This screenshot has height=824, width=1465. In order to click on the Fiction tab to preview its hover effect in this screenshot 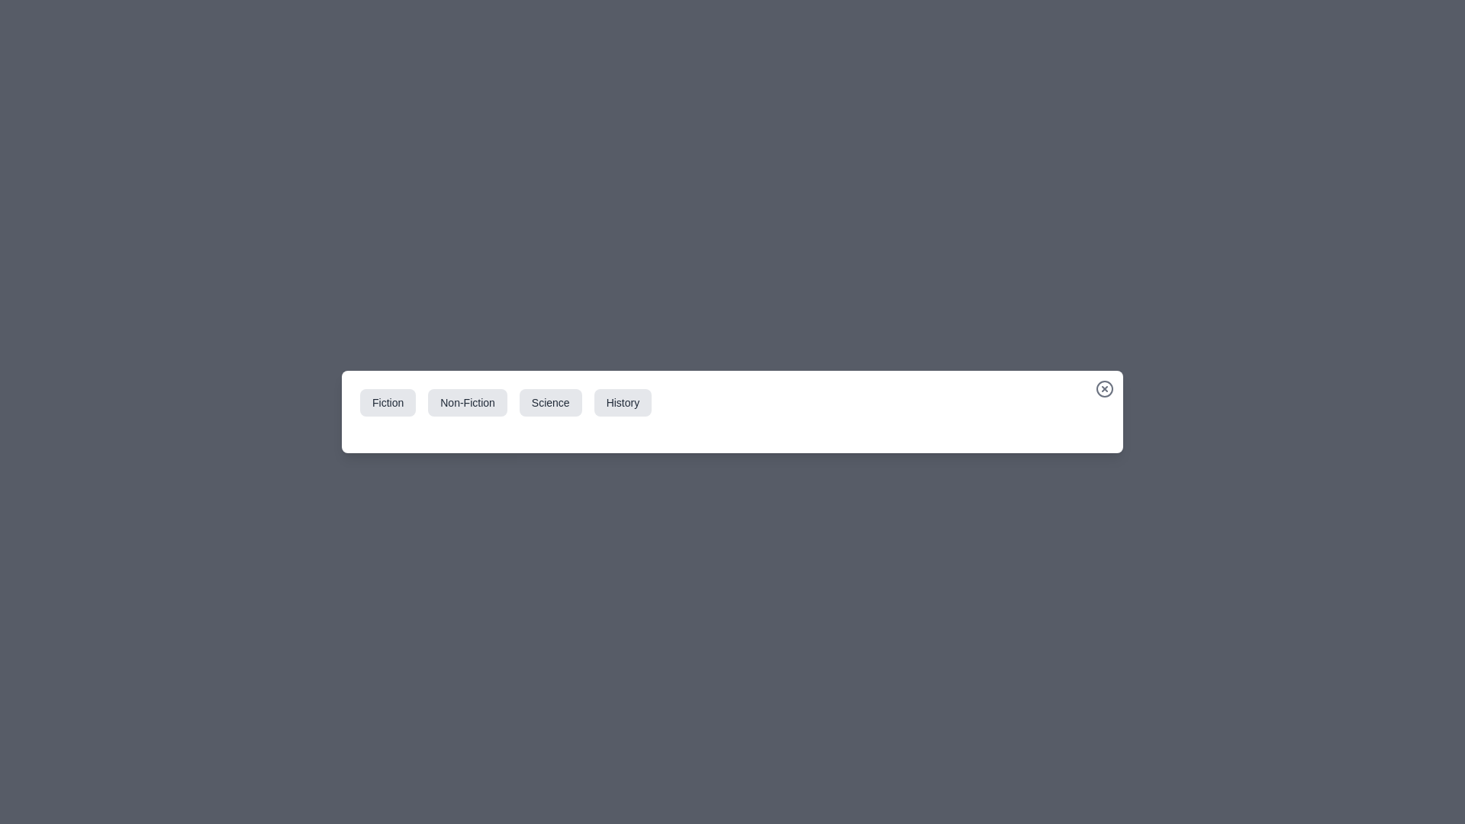, I will do `click(388, 402)`.